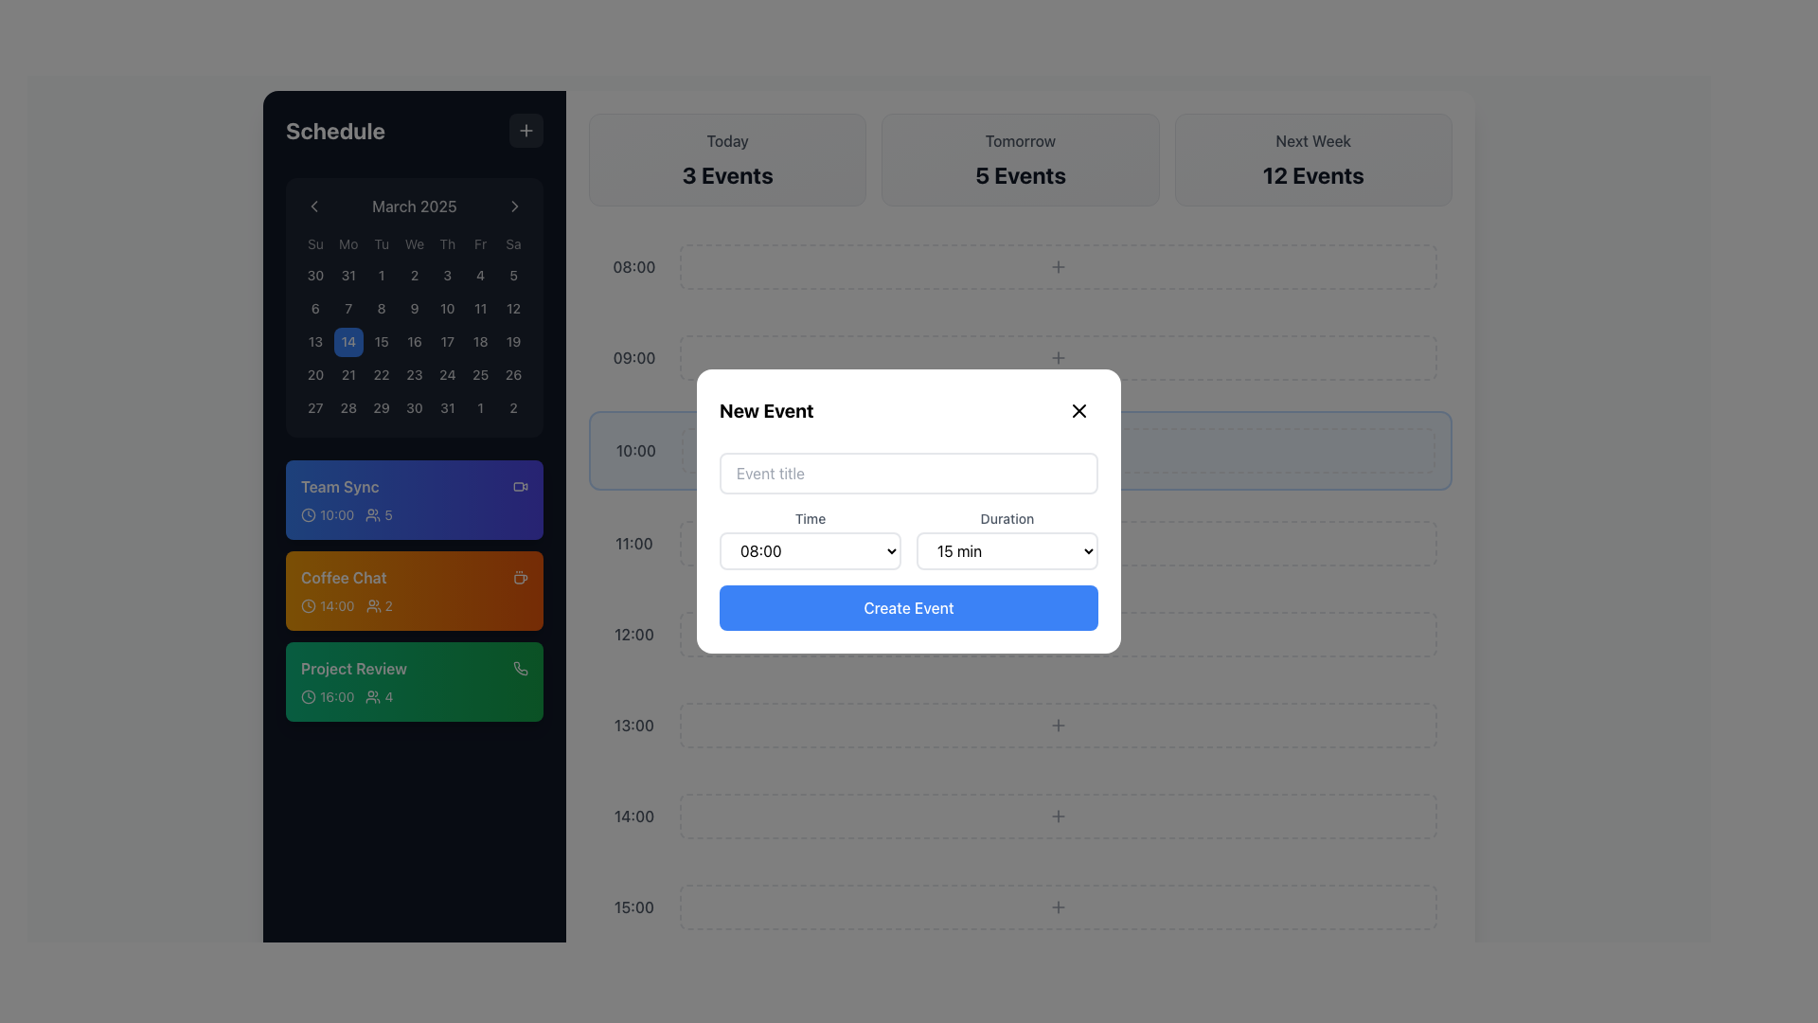 Image resolution: width=1818 pixels, height=1023 pixels. Describe the element at coordinates (379, 697) in the screenshot. I see `the User count indicator displaying '4' located in the 'Project Review' section of the agenda for 16:00, which consists of a gray icon of two user figures` at that location.